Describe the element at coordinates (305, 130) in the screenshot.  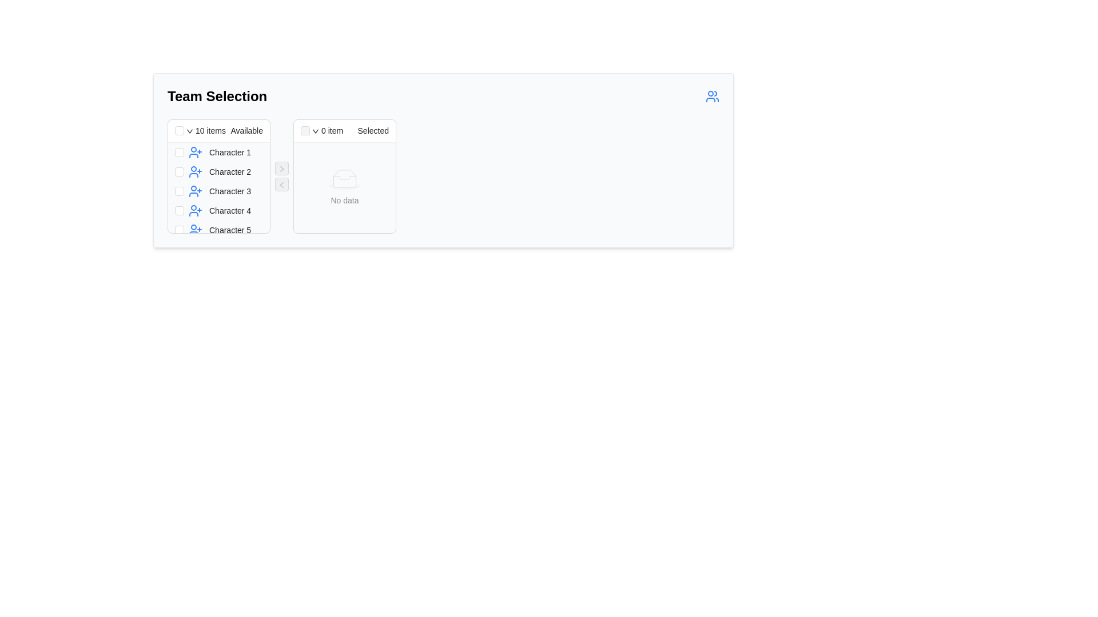
I see `the disabled checkbox located at the leftmost position in the header of the 'Selected' section, which indicates no items are selected and is above the 'No data' placeholder` at that location.